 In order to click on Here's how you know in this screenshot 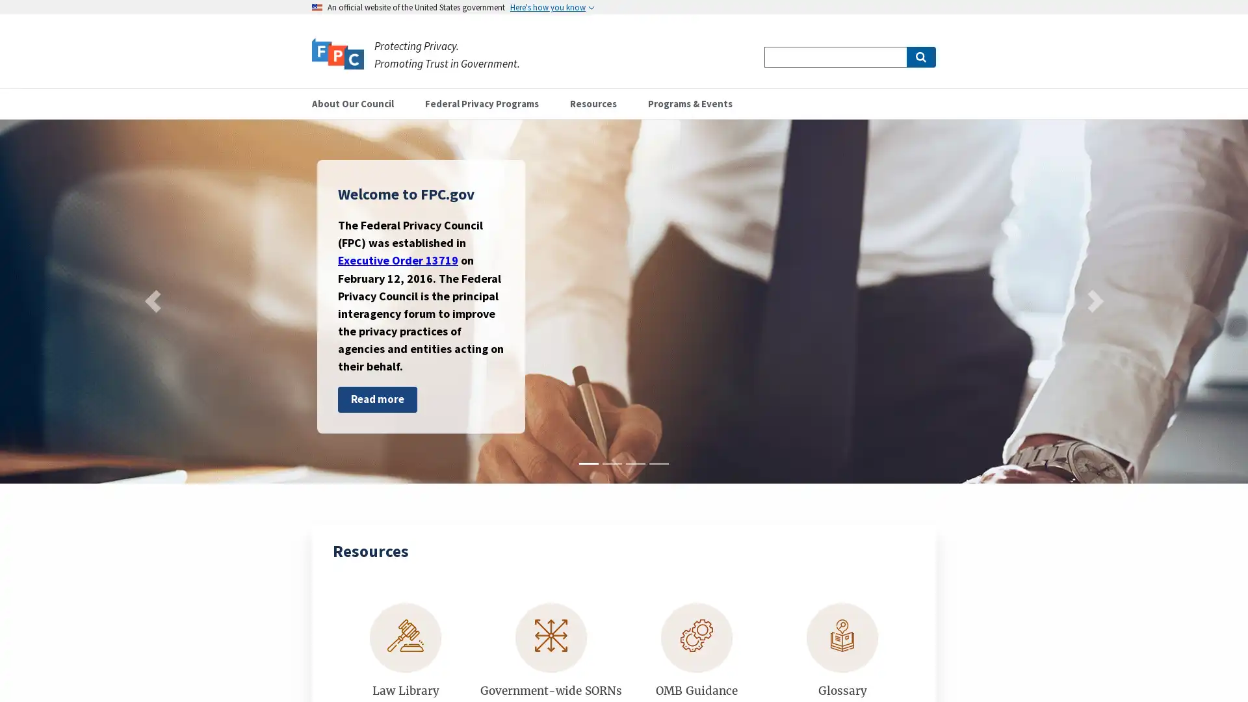, I will do `click(552, 7)`.